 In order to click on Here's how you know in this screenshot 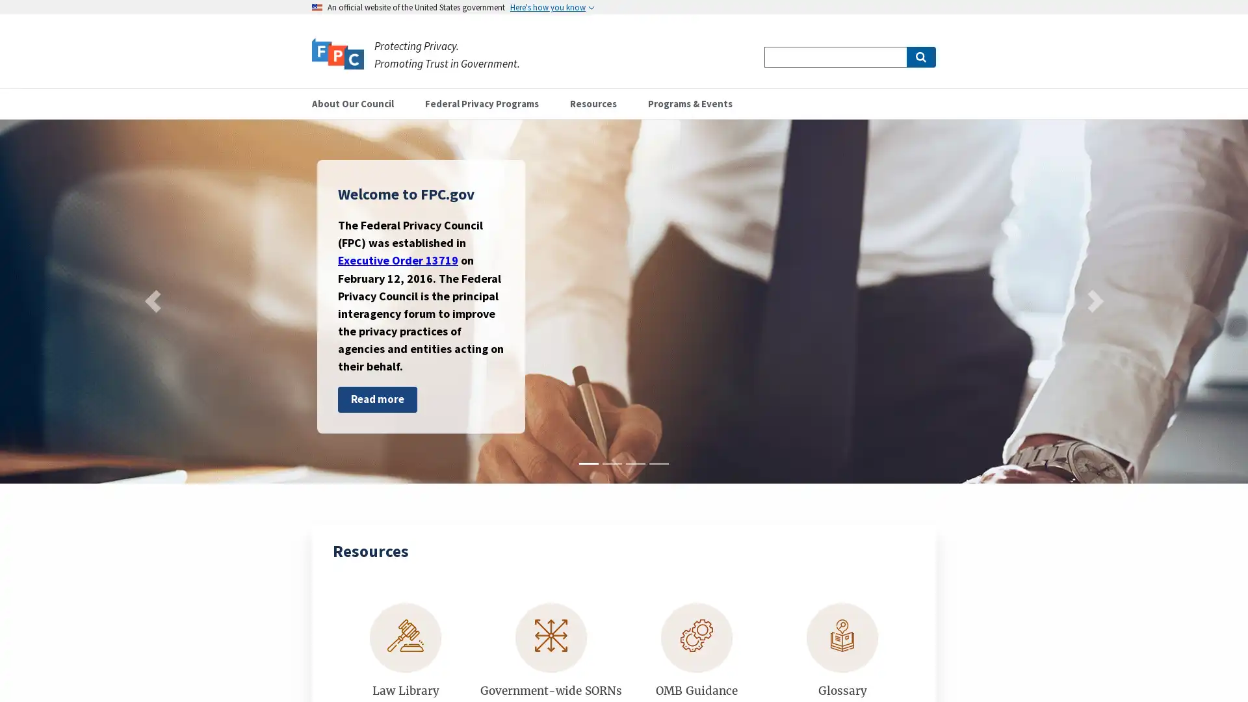, I will do `click(552, 7)`.